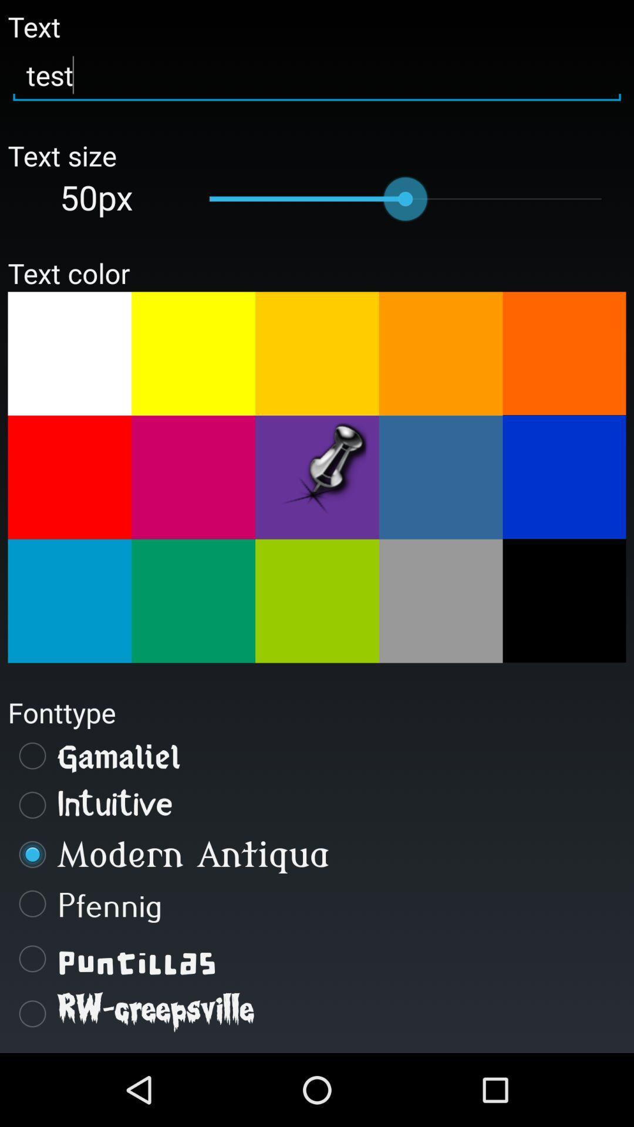 The image size is (634, 1127). I want to click on the text field which says test, so click(317, 75).